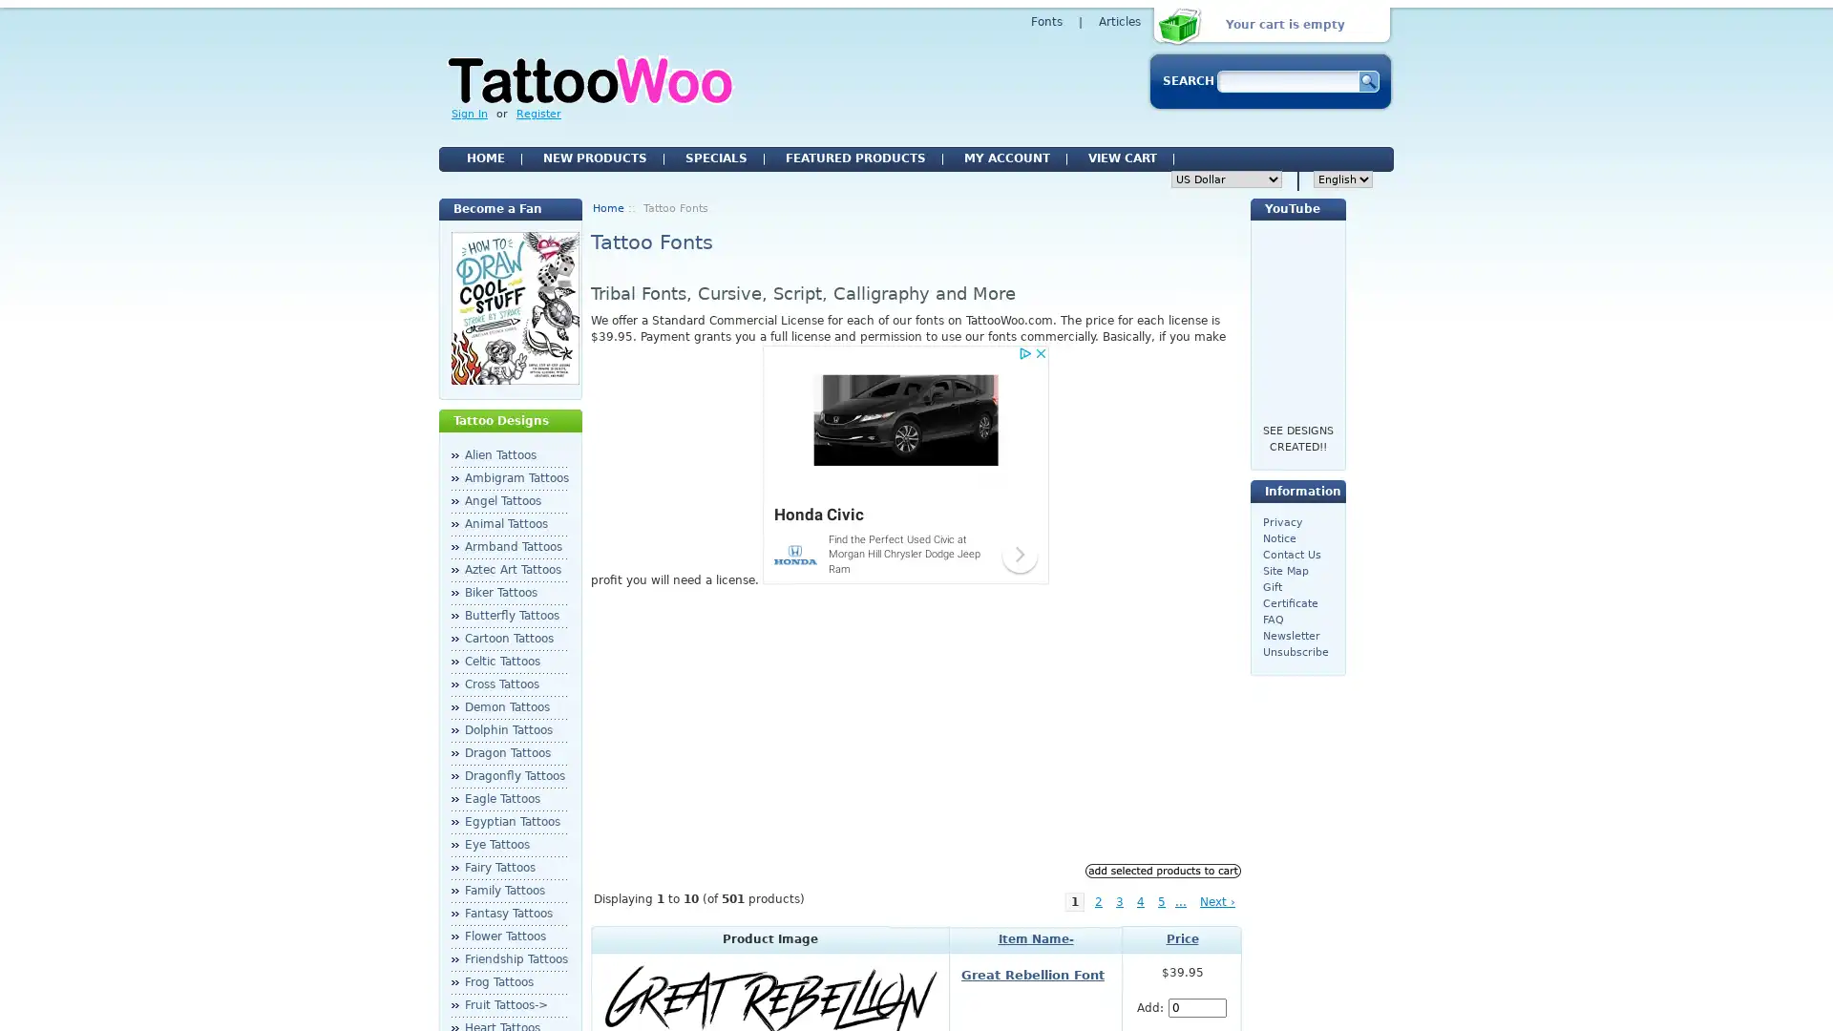  I want to click on Serch, so click(1367, 80).